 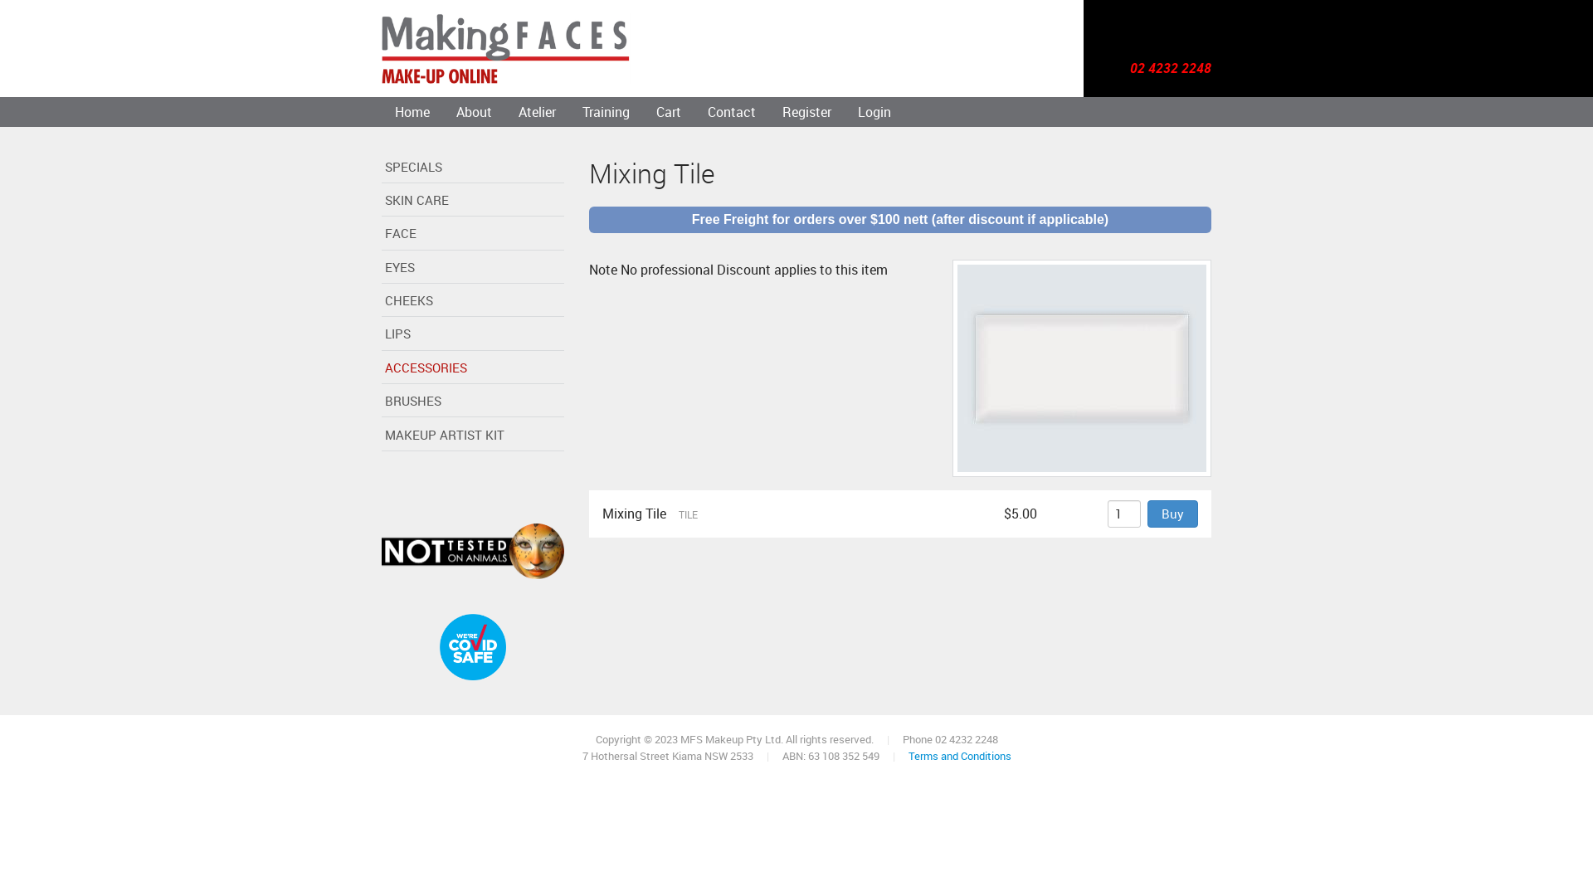 What do you see at coordinates (472, 201) in the screenshot?
I see `'SKIN CARE'` at bounding box center [472, 201].